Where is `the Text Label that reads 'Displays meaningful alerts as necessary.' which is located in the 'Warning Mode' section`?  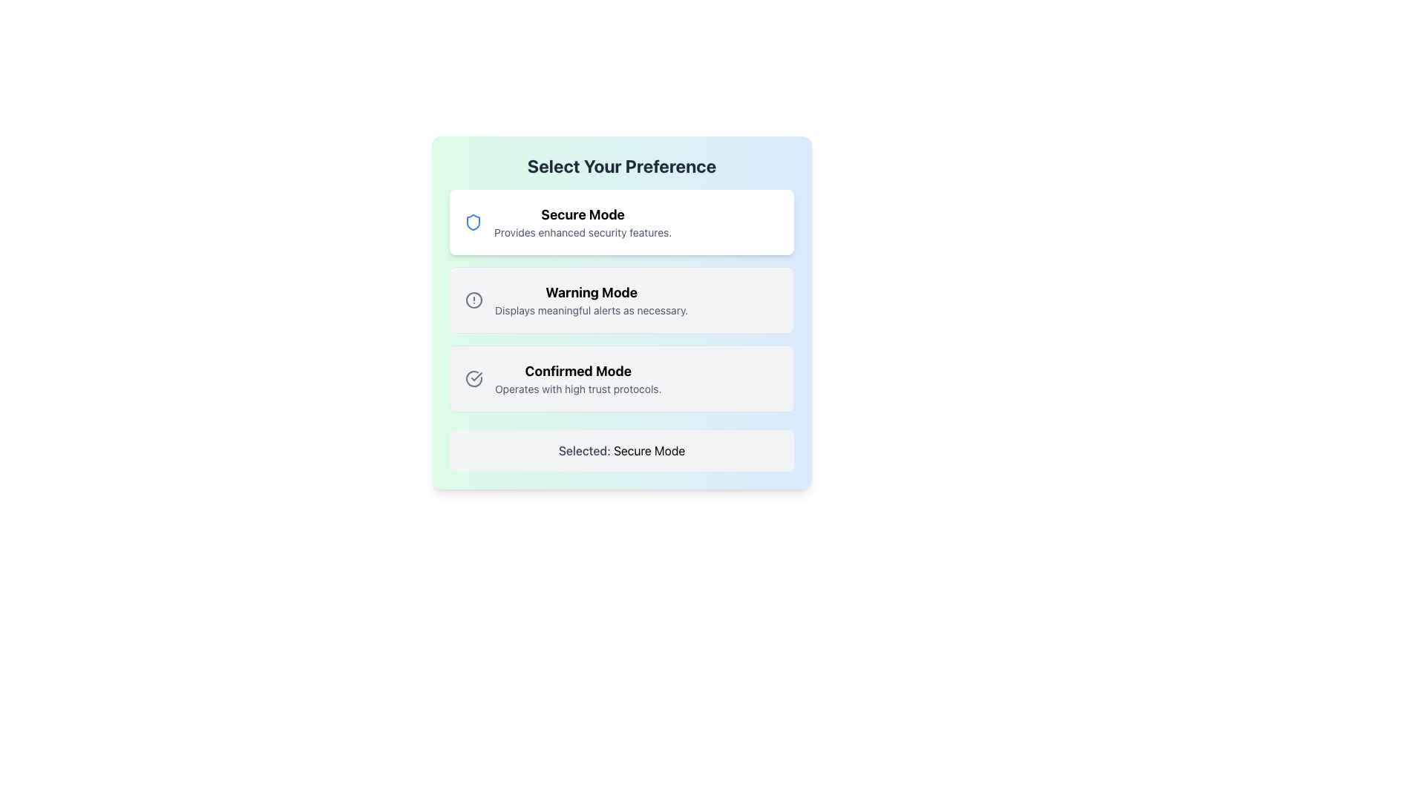
the Text Label that reads 'Displays meaningful alerts as necessary.' which is located in the 'Warning Mode' section is located at coordinates (591, 310).